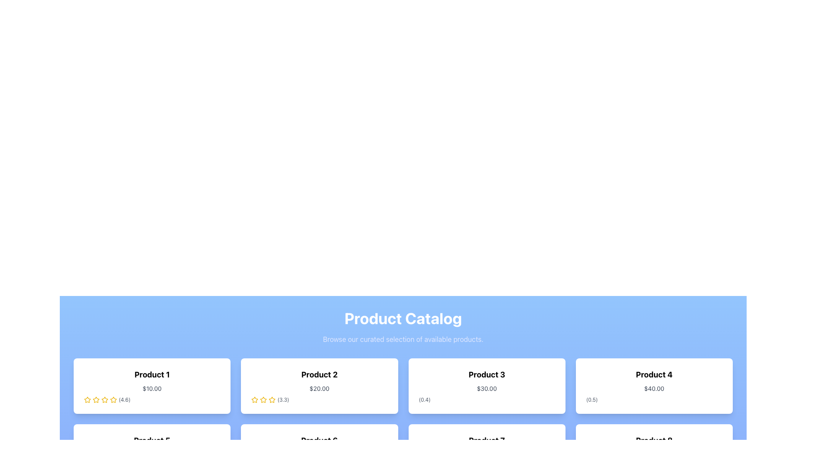 Image resolution: width=832 pixels, height=468 pixels. I want to click on the product title text label located at the topmost position within the card in the bottom right of the grid layout, which serves as the identifier for the showcased item, so click(654, 441).